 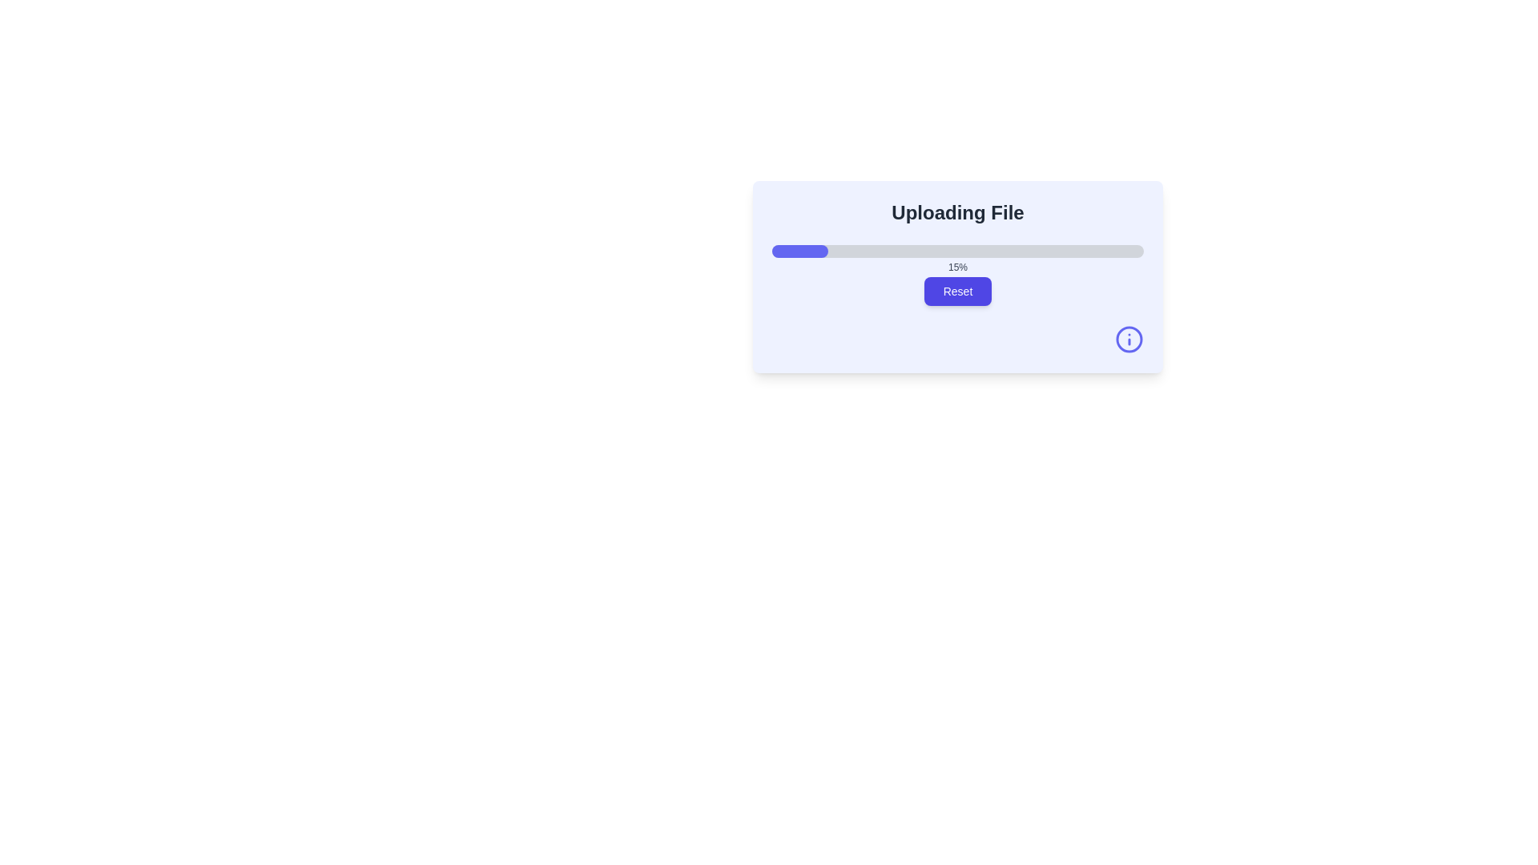 I want to click on the information icon located at the bottom-right corner of the card layout that contains an upload progress bar and a 'Reset' button, so click(x=1129, y=339).